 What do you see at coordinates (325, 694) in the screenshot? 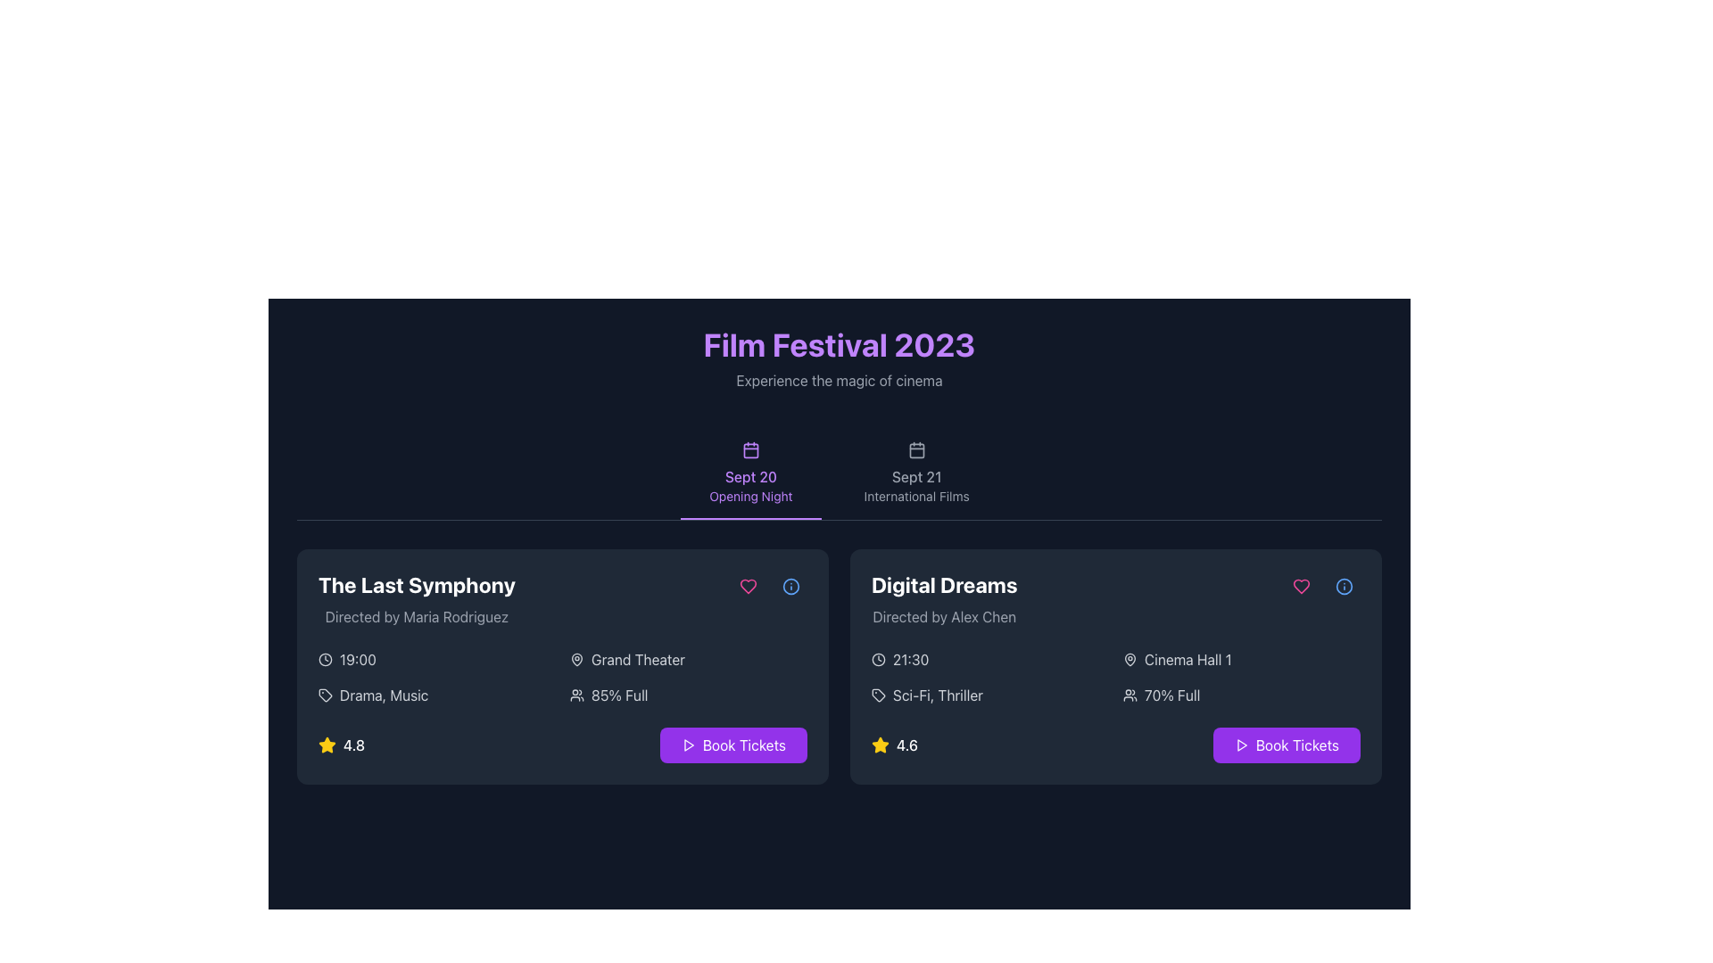
I see `the small dark-colored tag icon located to the left of the movie genre text in the left card component of the interface` at bounding box center [325, 694].